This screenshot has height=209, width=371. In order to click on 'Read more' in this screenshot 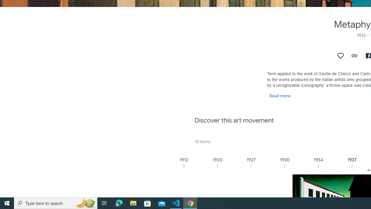, I will do `click(280, 95)`.